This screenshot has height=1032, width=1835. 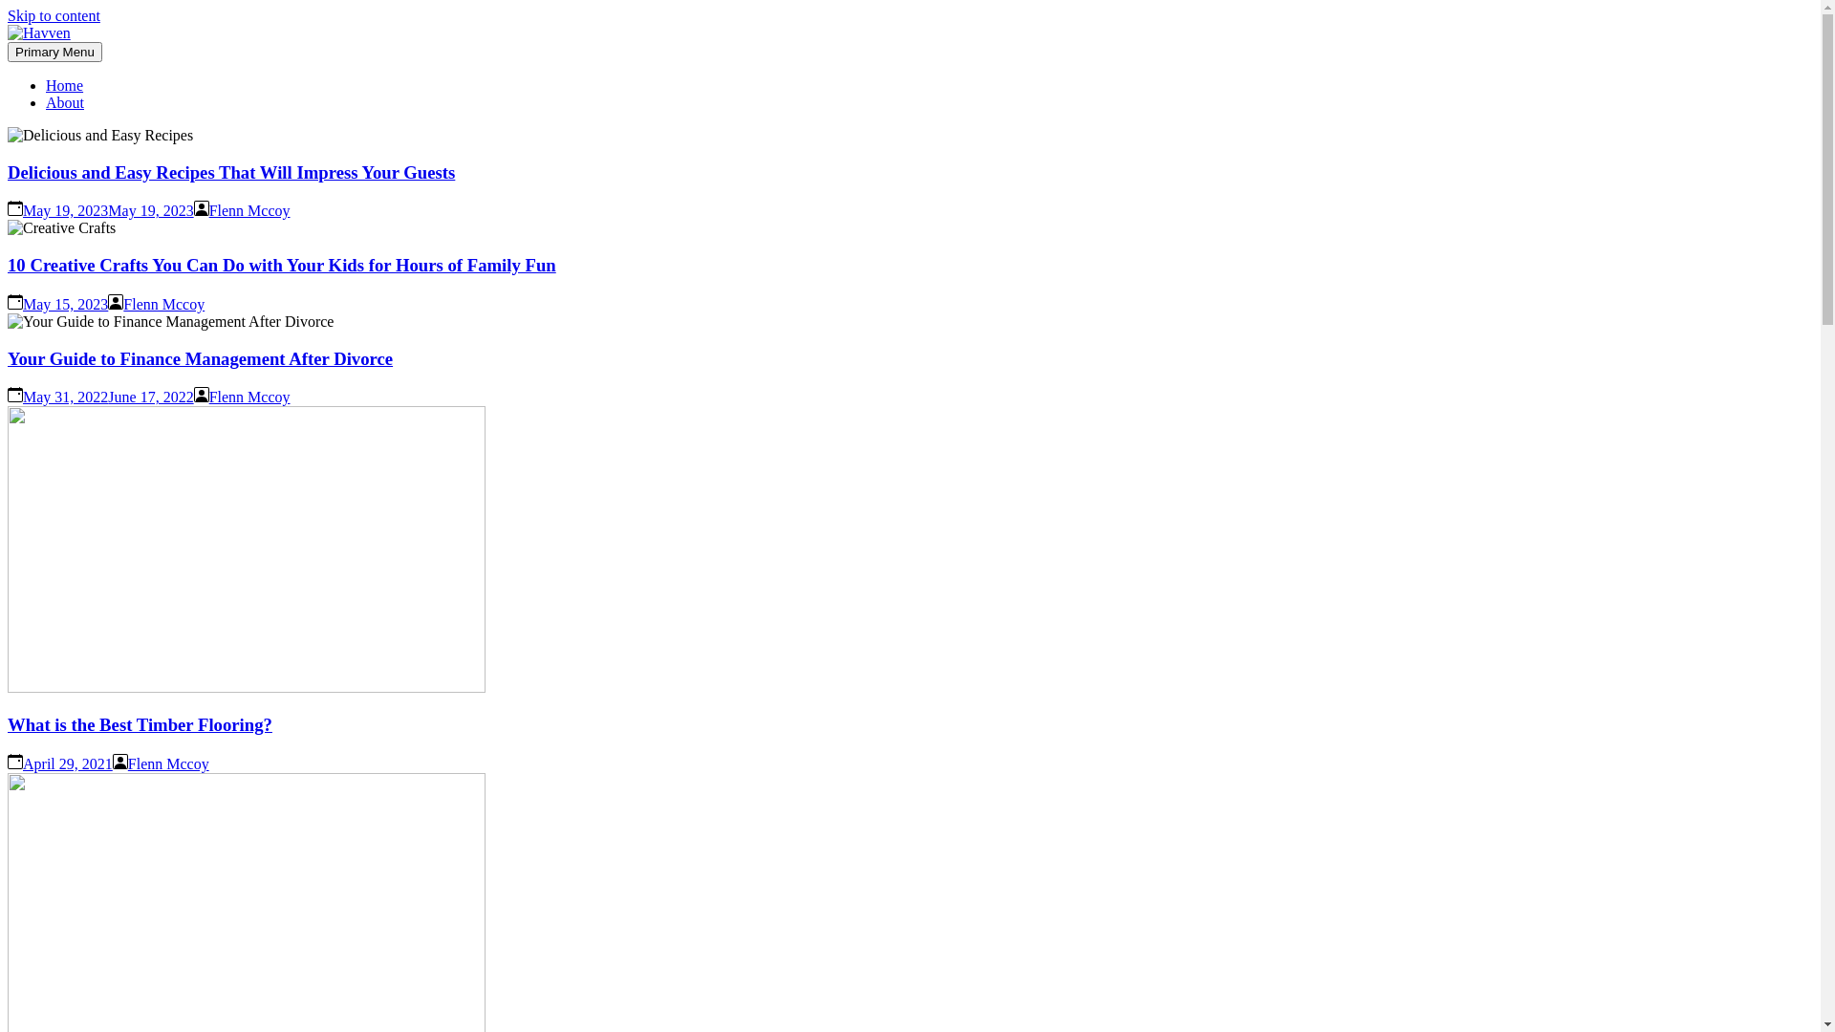 I want to click on 'About', so click(x=64, y=102).